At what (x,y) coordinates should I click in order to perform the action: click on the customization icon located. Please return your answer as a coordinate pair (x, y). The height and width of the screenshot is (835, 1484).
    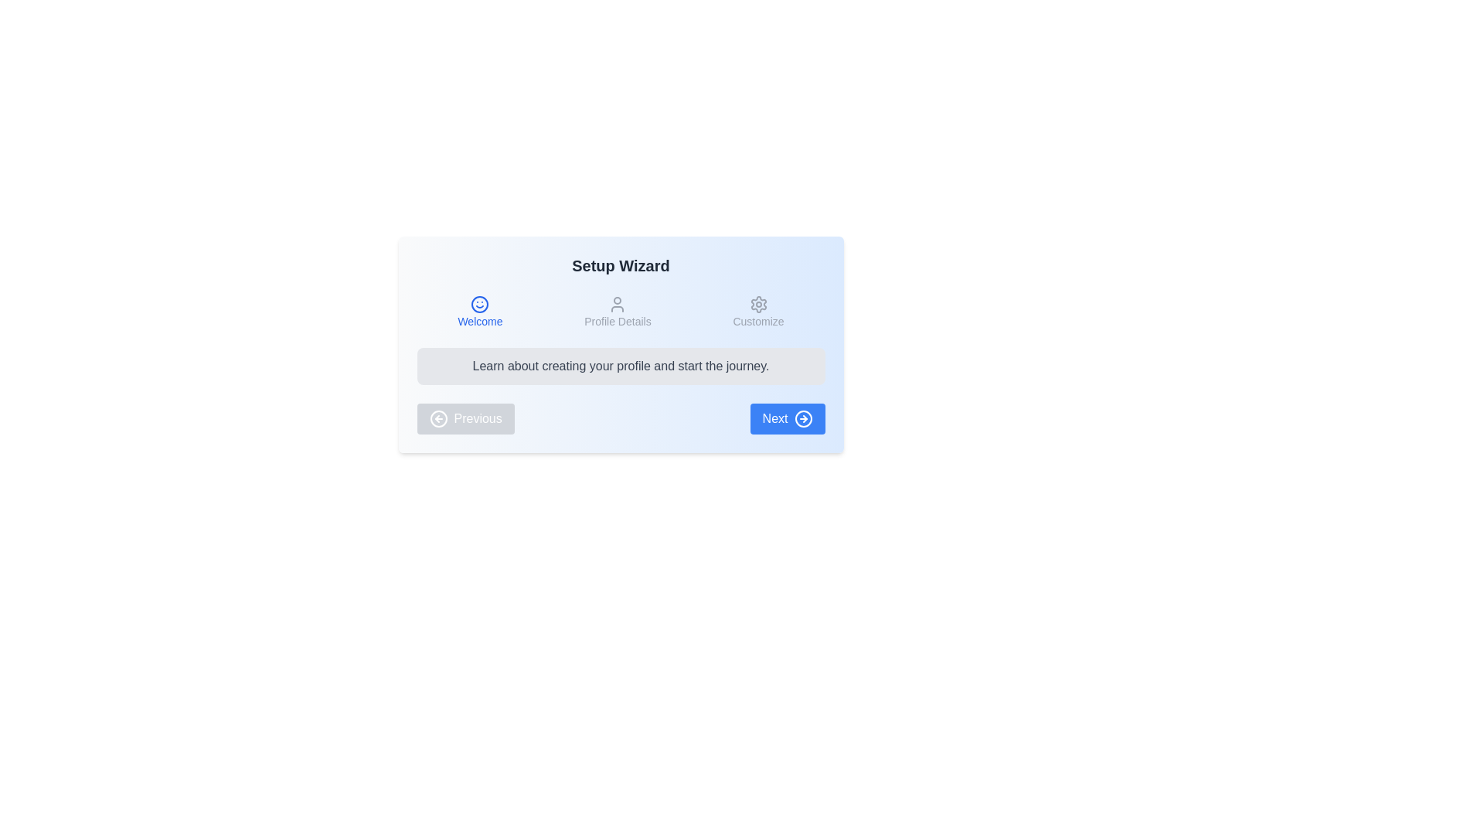
    Looking at the image, I should click on (758, 304).